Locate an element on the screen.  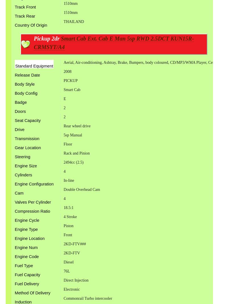
'Engine Size' is located at coordinates (26, 165).